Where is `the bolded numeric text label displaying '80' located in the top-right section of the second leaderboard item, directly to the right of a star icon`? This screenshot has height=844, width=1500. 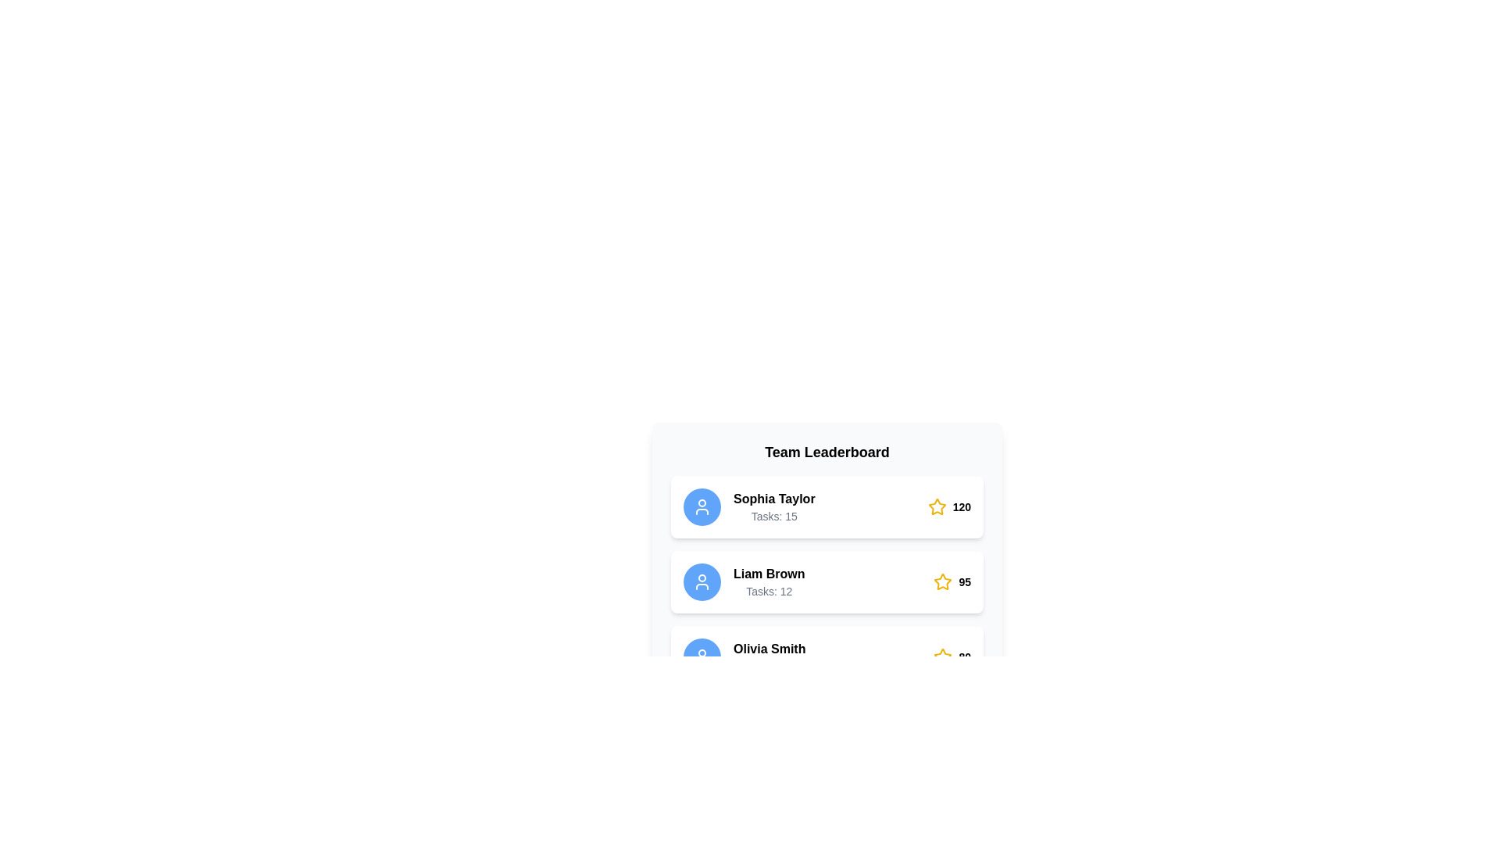
the bolded numeric text label displaying '80' located in the top-right section of the second leaderboard item, directly to the right of a star icon is located at coordinates (964, 656).